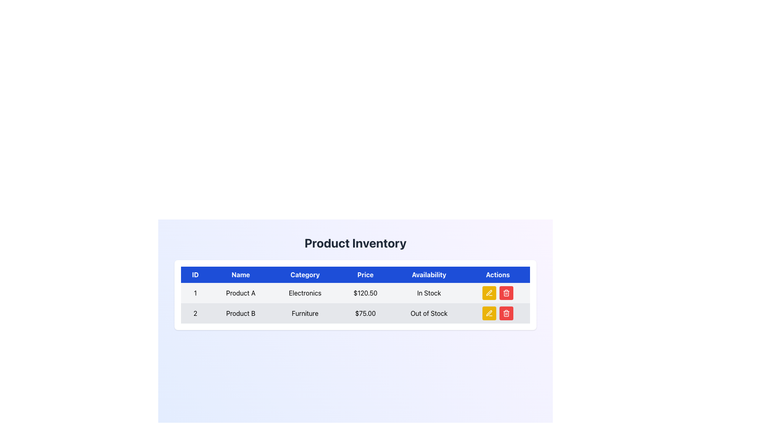 The image size is (781, 439). What do you see at coordinates (305, 293) in the screenshot?
I see `the category label 'Product A' in the inventory table, which is located in the third column of the first row, following the elements '1' and 'Product A'` at bounding box center [305, 293].